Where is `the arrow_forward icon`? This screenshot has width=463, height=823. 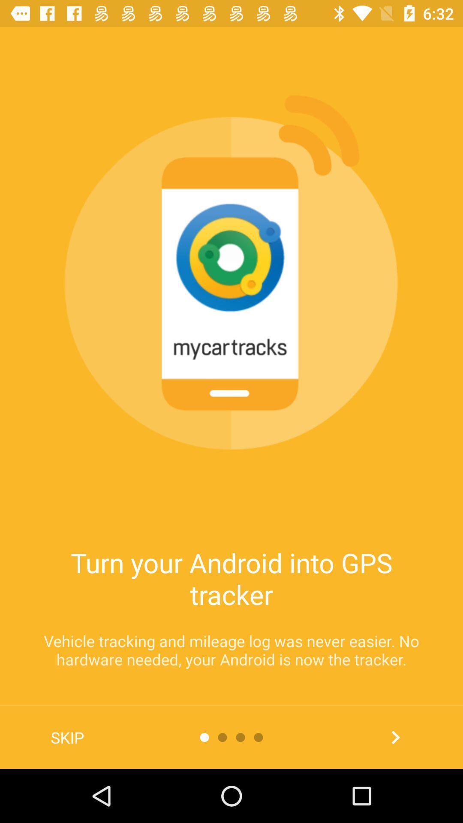 the arrow_forward icon is located at coordinates (395, 737).